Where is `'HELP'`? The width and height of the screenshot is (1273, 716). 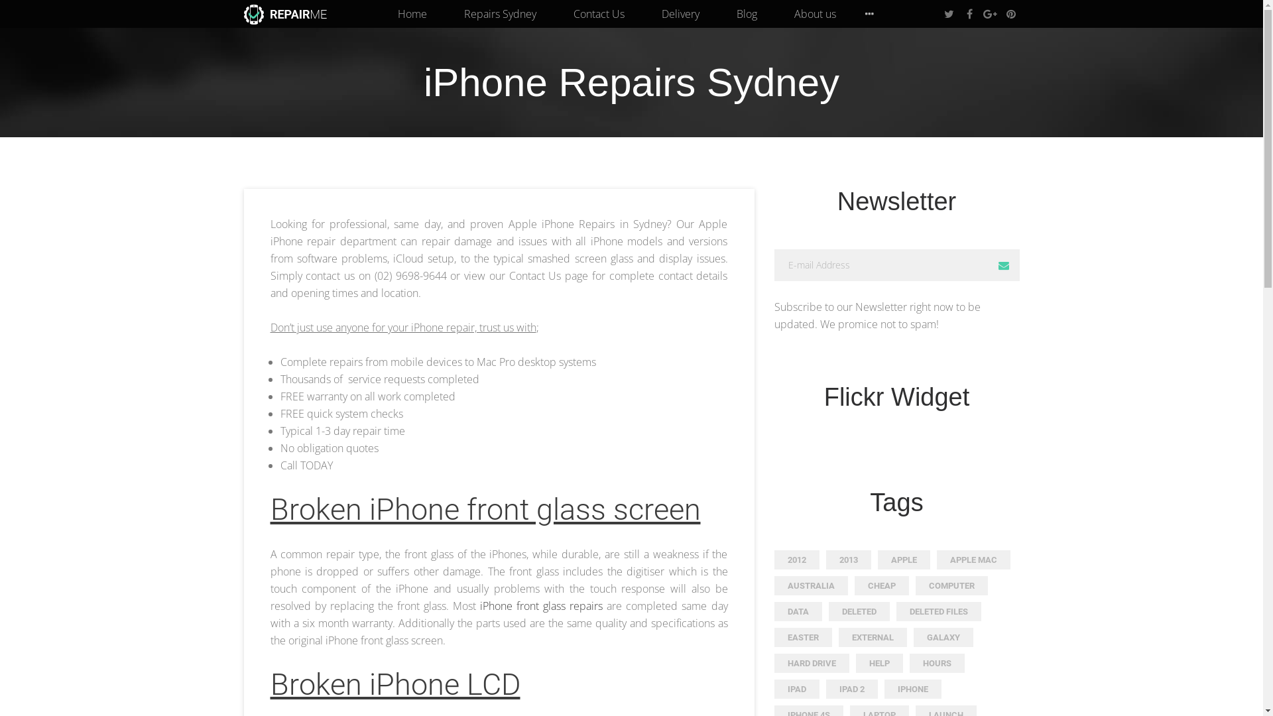
'HELP' is located at coordinates (855, 663).